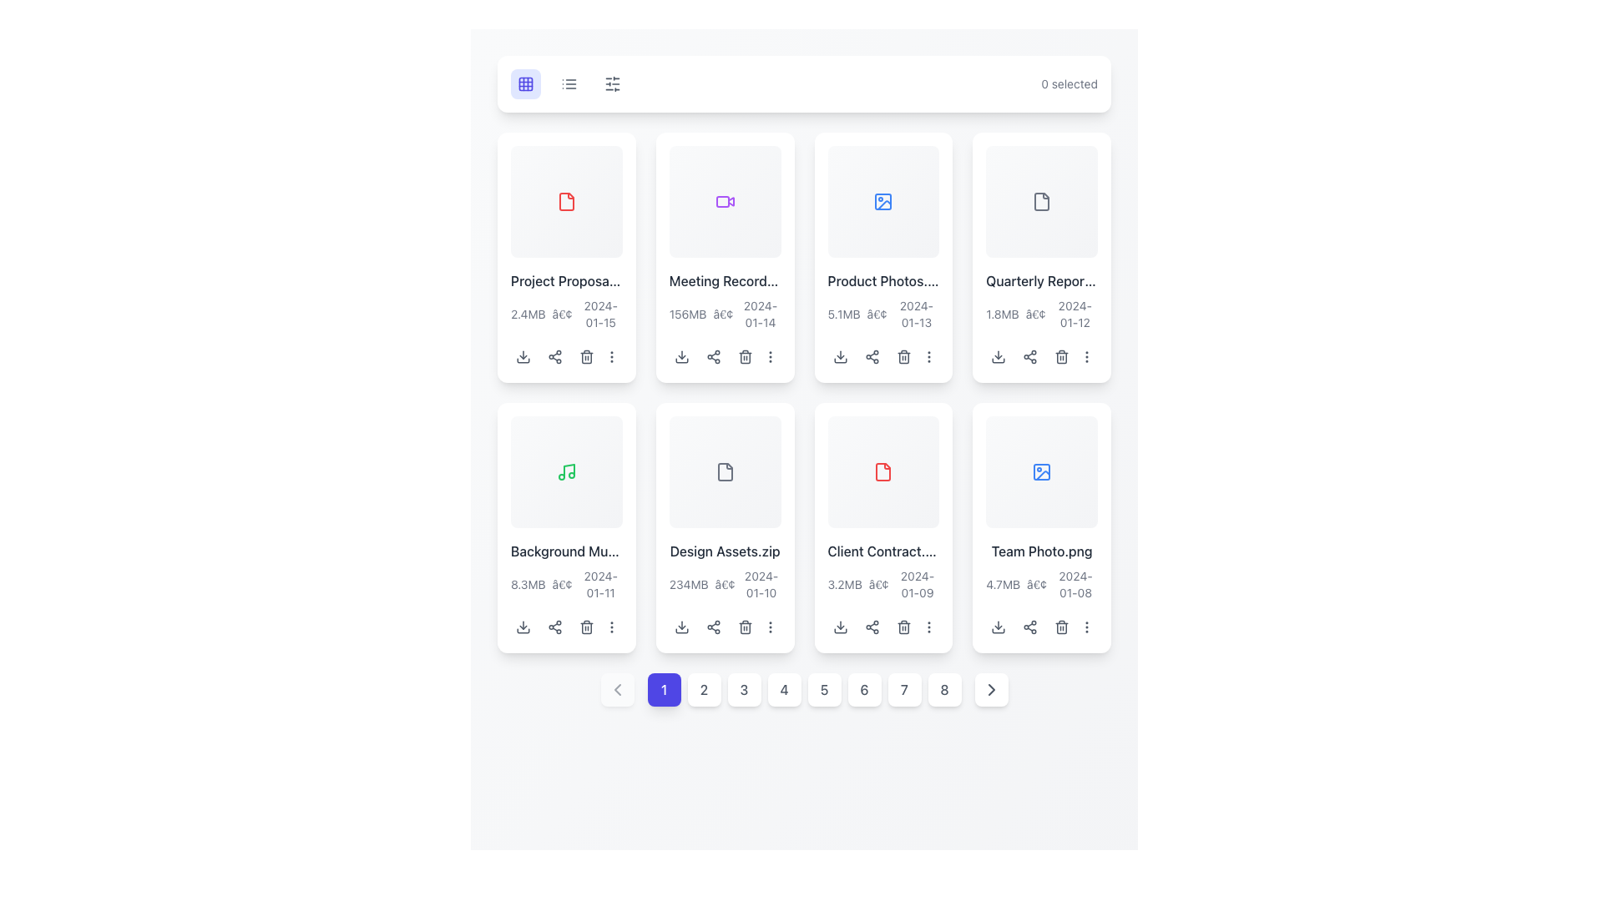  I want to click on the decorative video file indicator icon located at the center of the card in the second position of the top row to inspect its associated content, so click(722, 200).